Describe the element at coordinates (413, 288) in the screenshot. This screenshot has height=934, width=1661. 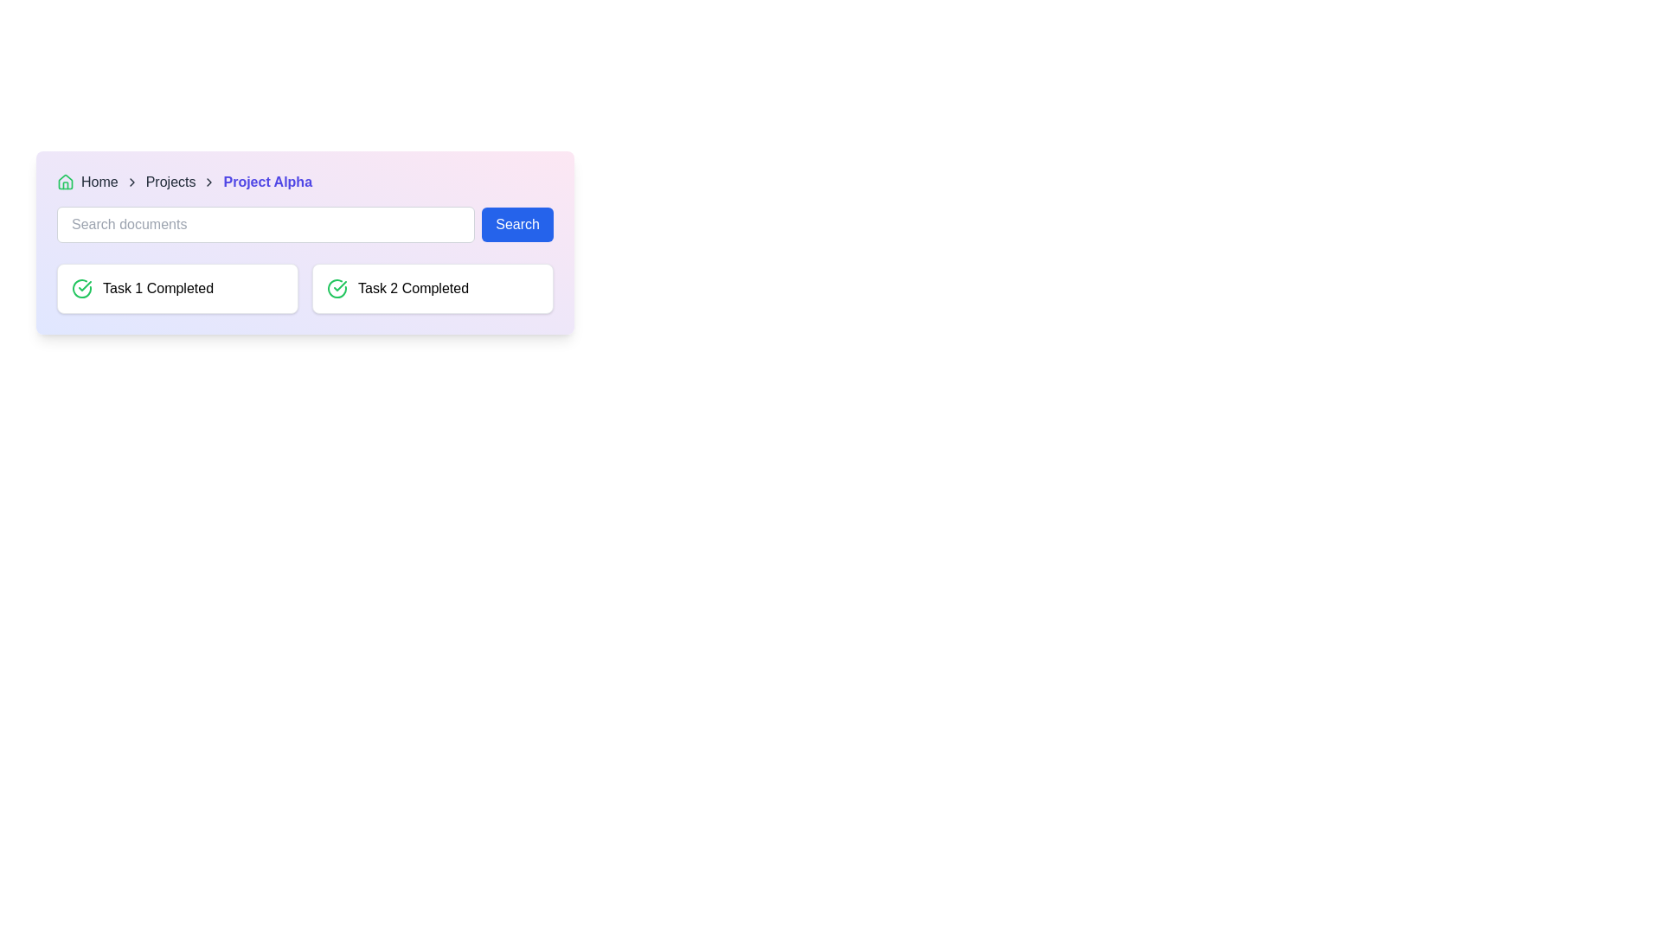
I see `the static text label displaying 'Task 2 Completed' which is part of a light-themed card interface, located in the bottom-right quadrant of the display, right next to a green checkmark icon` at that location.